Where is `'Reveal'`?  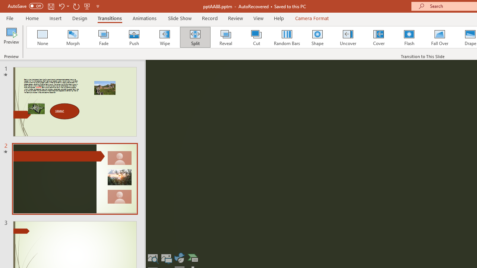
'Reveal' is located at coordinates (225, 37).